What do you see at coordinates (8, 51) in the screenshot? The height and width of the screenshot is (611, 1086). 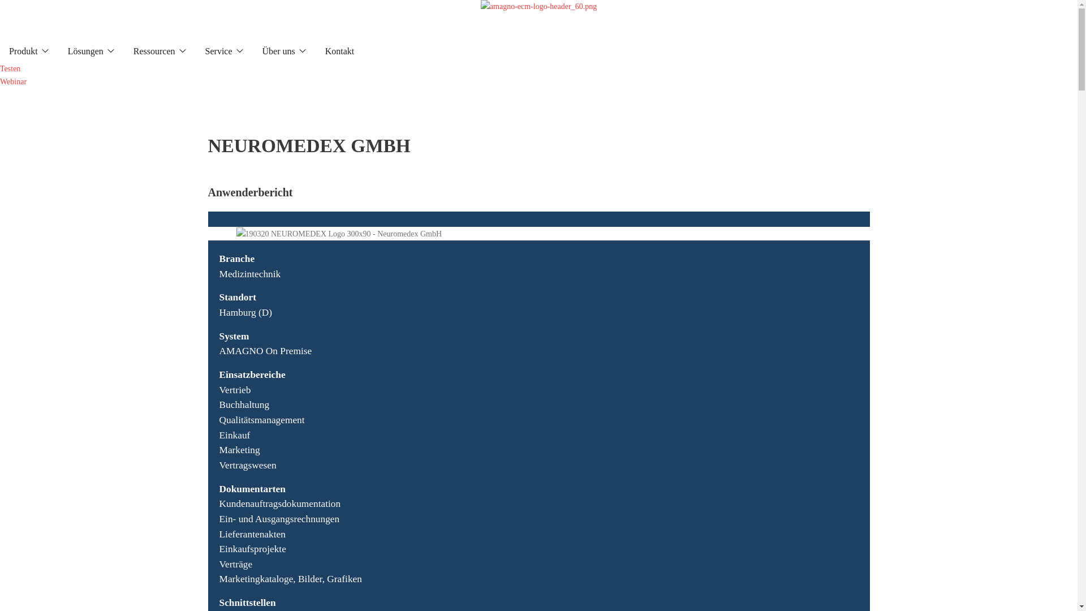 I see `'Produkt'` at bounding box center [8, 51].